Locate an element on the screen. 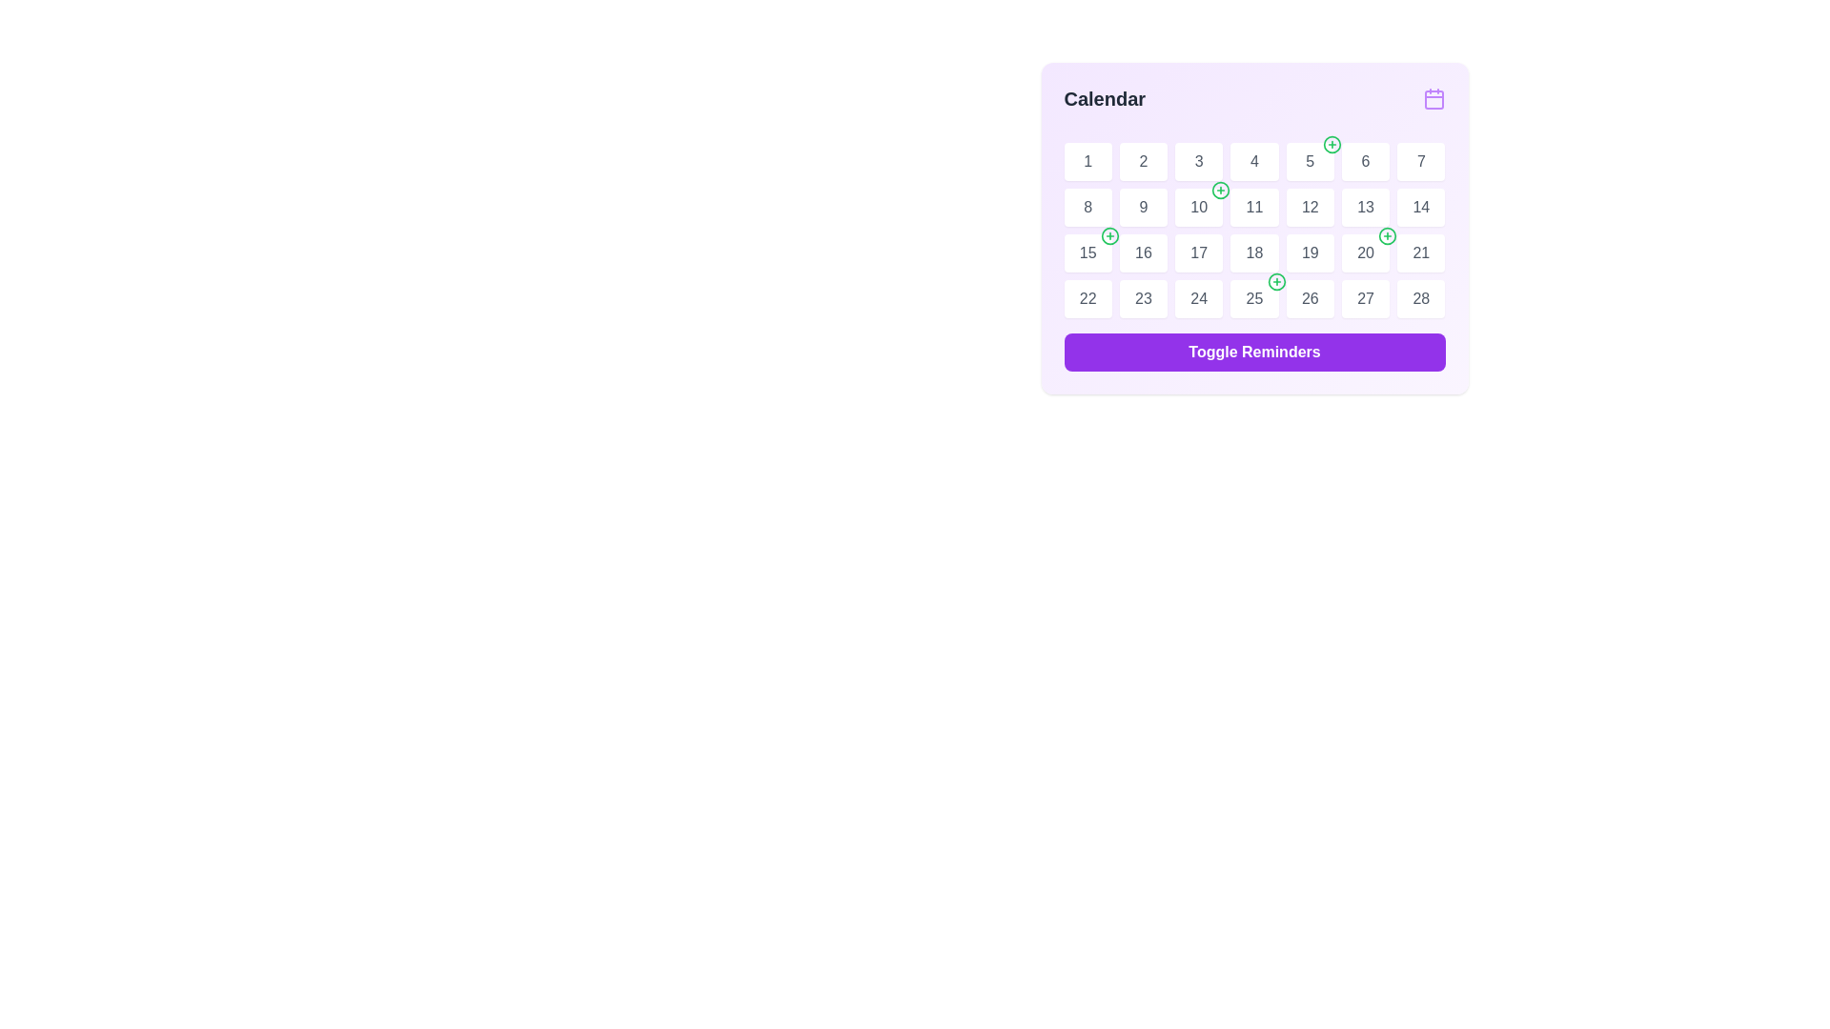  the interactive calendar day tile representing the date '27' is located at coordinates (1365, 298).